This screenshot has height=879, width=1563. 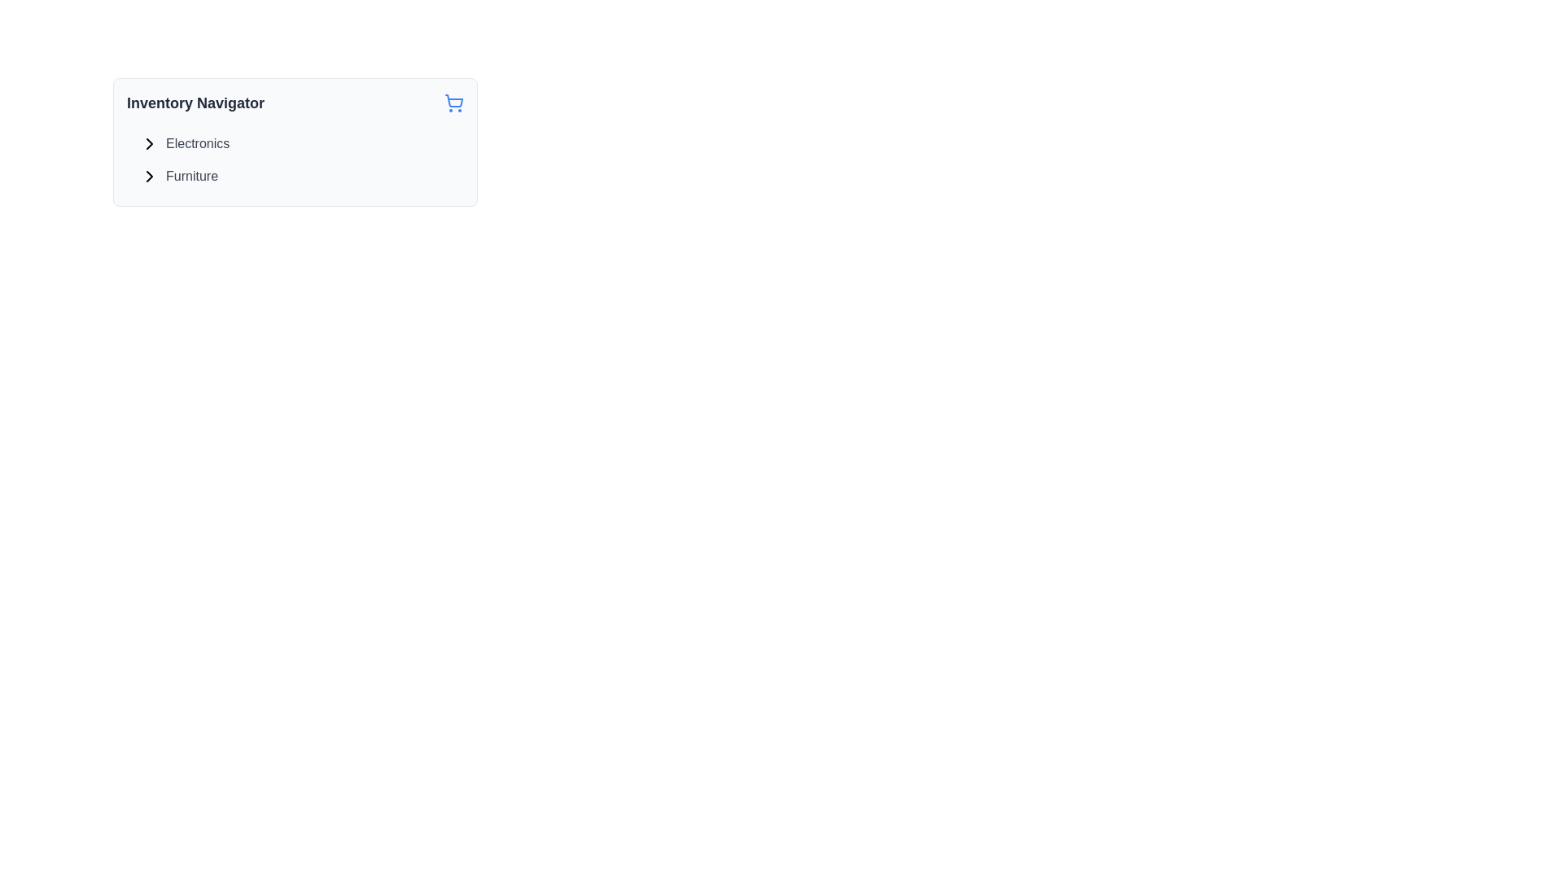 I want to click on the 'Electronics' category item in the expandable navigation list by clicking it for keyboard navigation, so click(x=185, y=143).